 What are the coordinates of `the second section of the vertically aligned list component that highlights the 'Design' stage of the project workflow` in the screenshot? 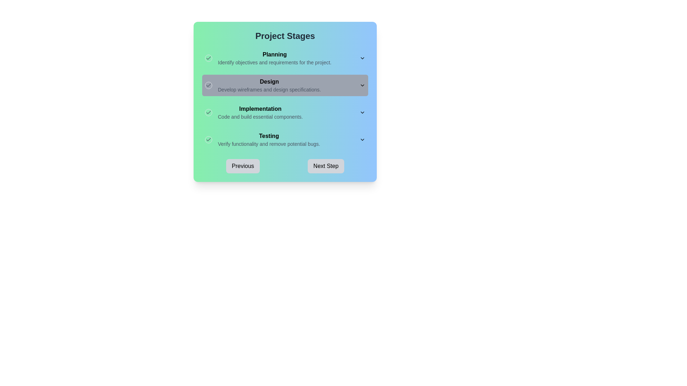 It's located at (284, 99).